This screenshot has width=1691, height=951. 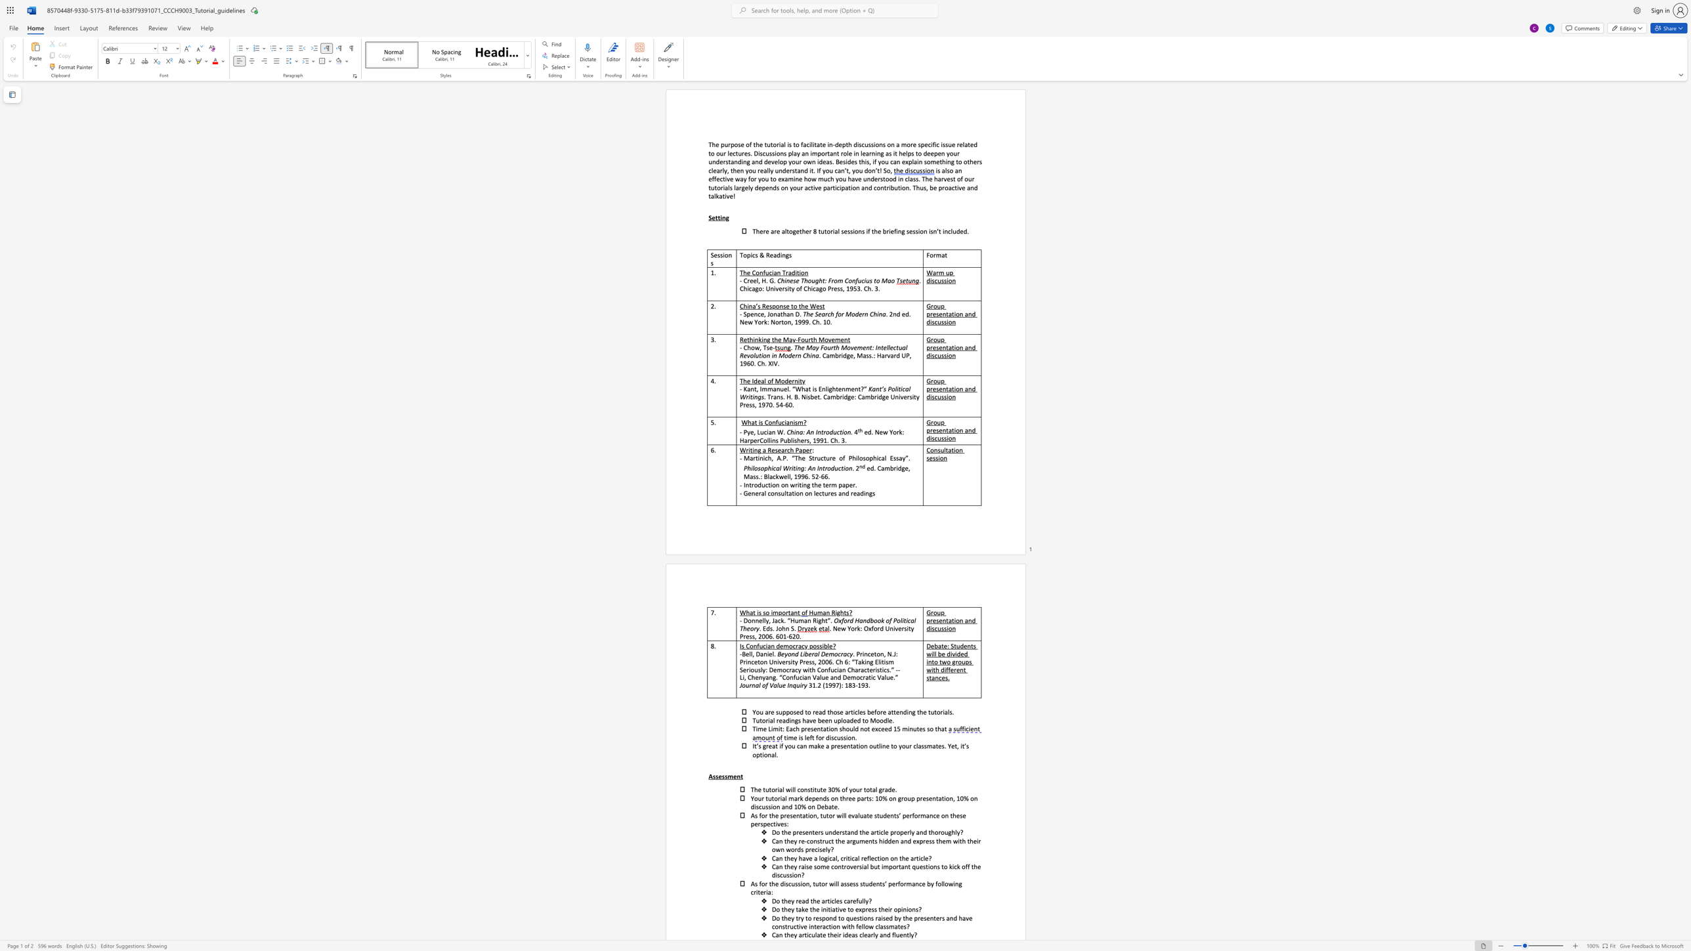 What do you see at coordinates (832, 909) in the screenshot?
I see `the subset text "ative to express their opinion" within the text "Do they take the initiative to express their opinions?"` at bounding box center [832, 909].